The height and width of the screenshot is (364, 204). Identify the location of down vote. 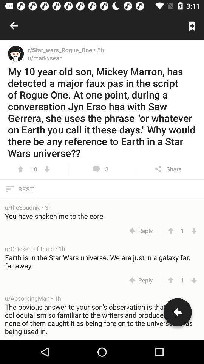
(47, 169).